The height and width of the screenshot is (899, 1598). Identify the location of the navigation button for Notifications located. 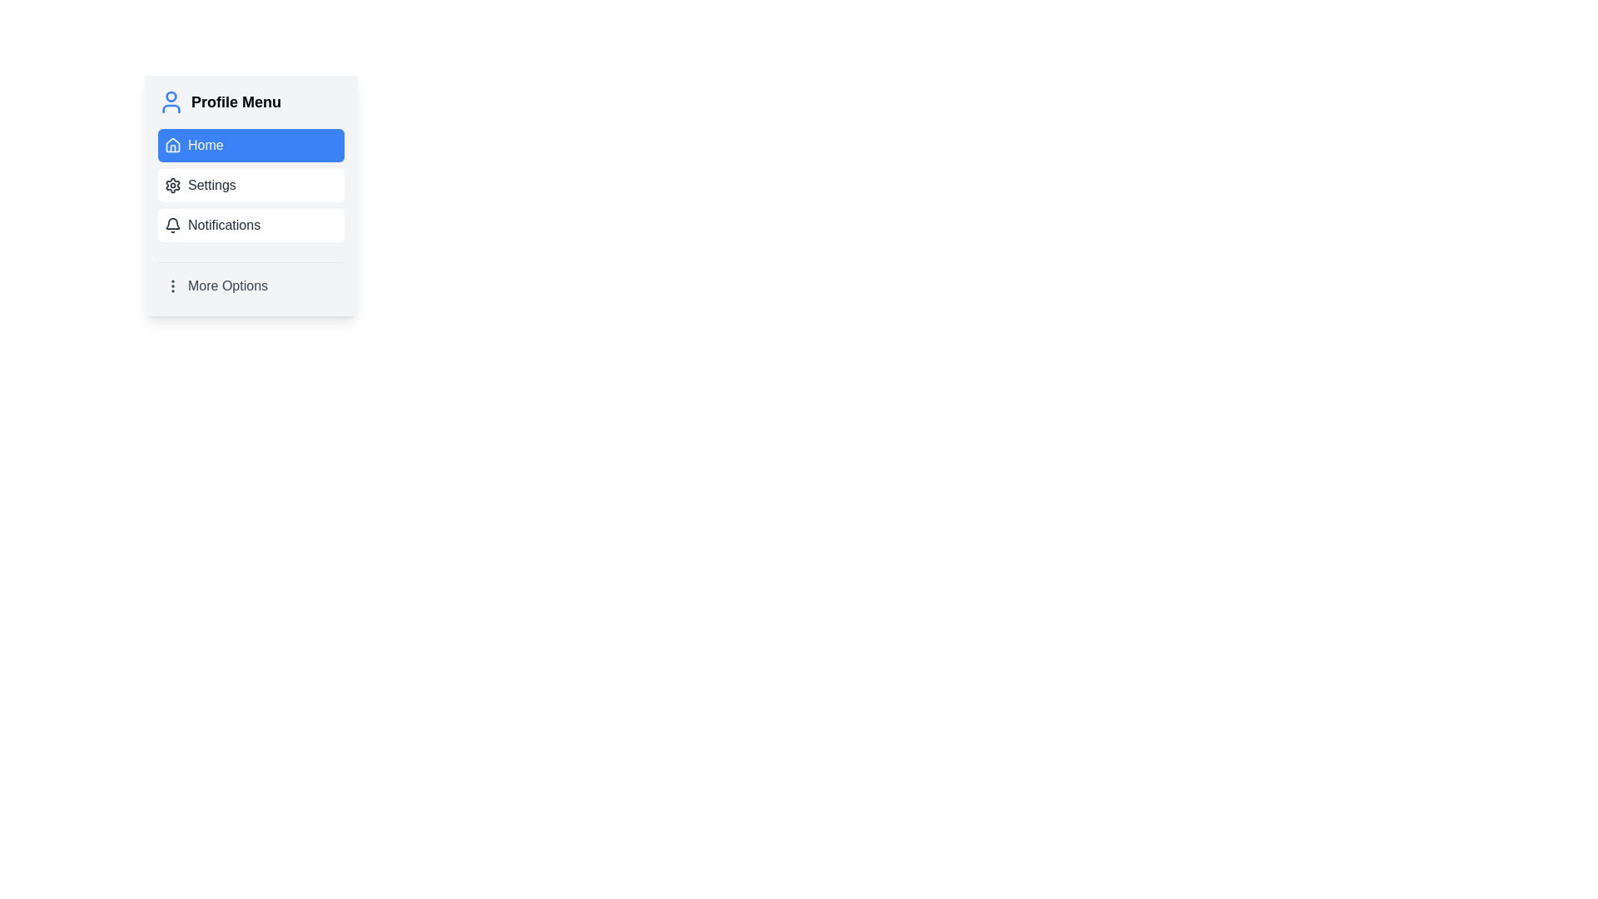
(251, 225).